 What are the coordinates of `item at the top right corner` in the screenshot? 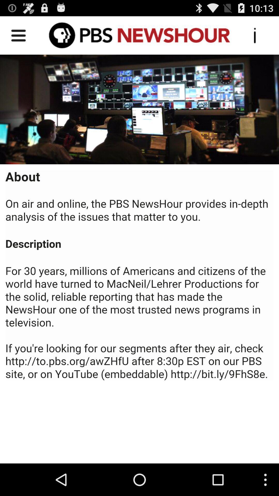 It's located at (254, 35).